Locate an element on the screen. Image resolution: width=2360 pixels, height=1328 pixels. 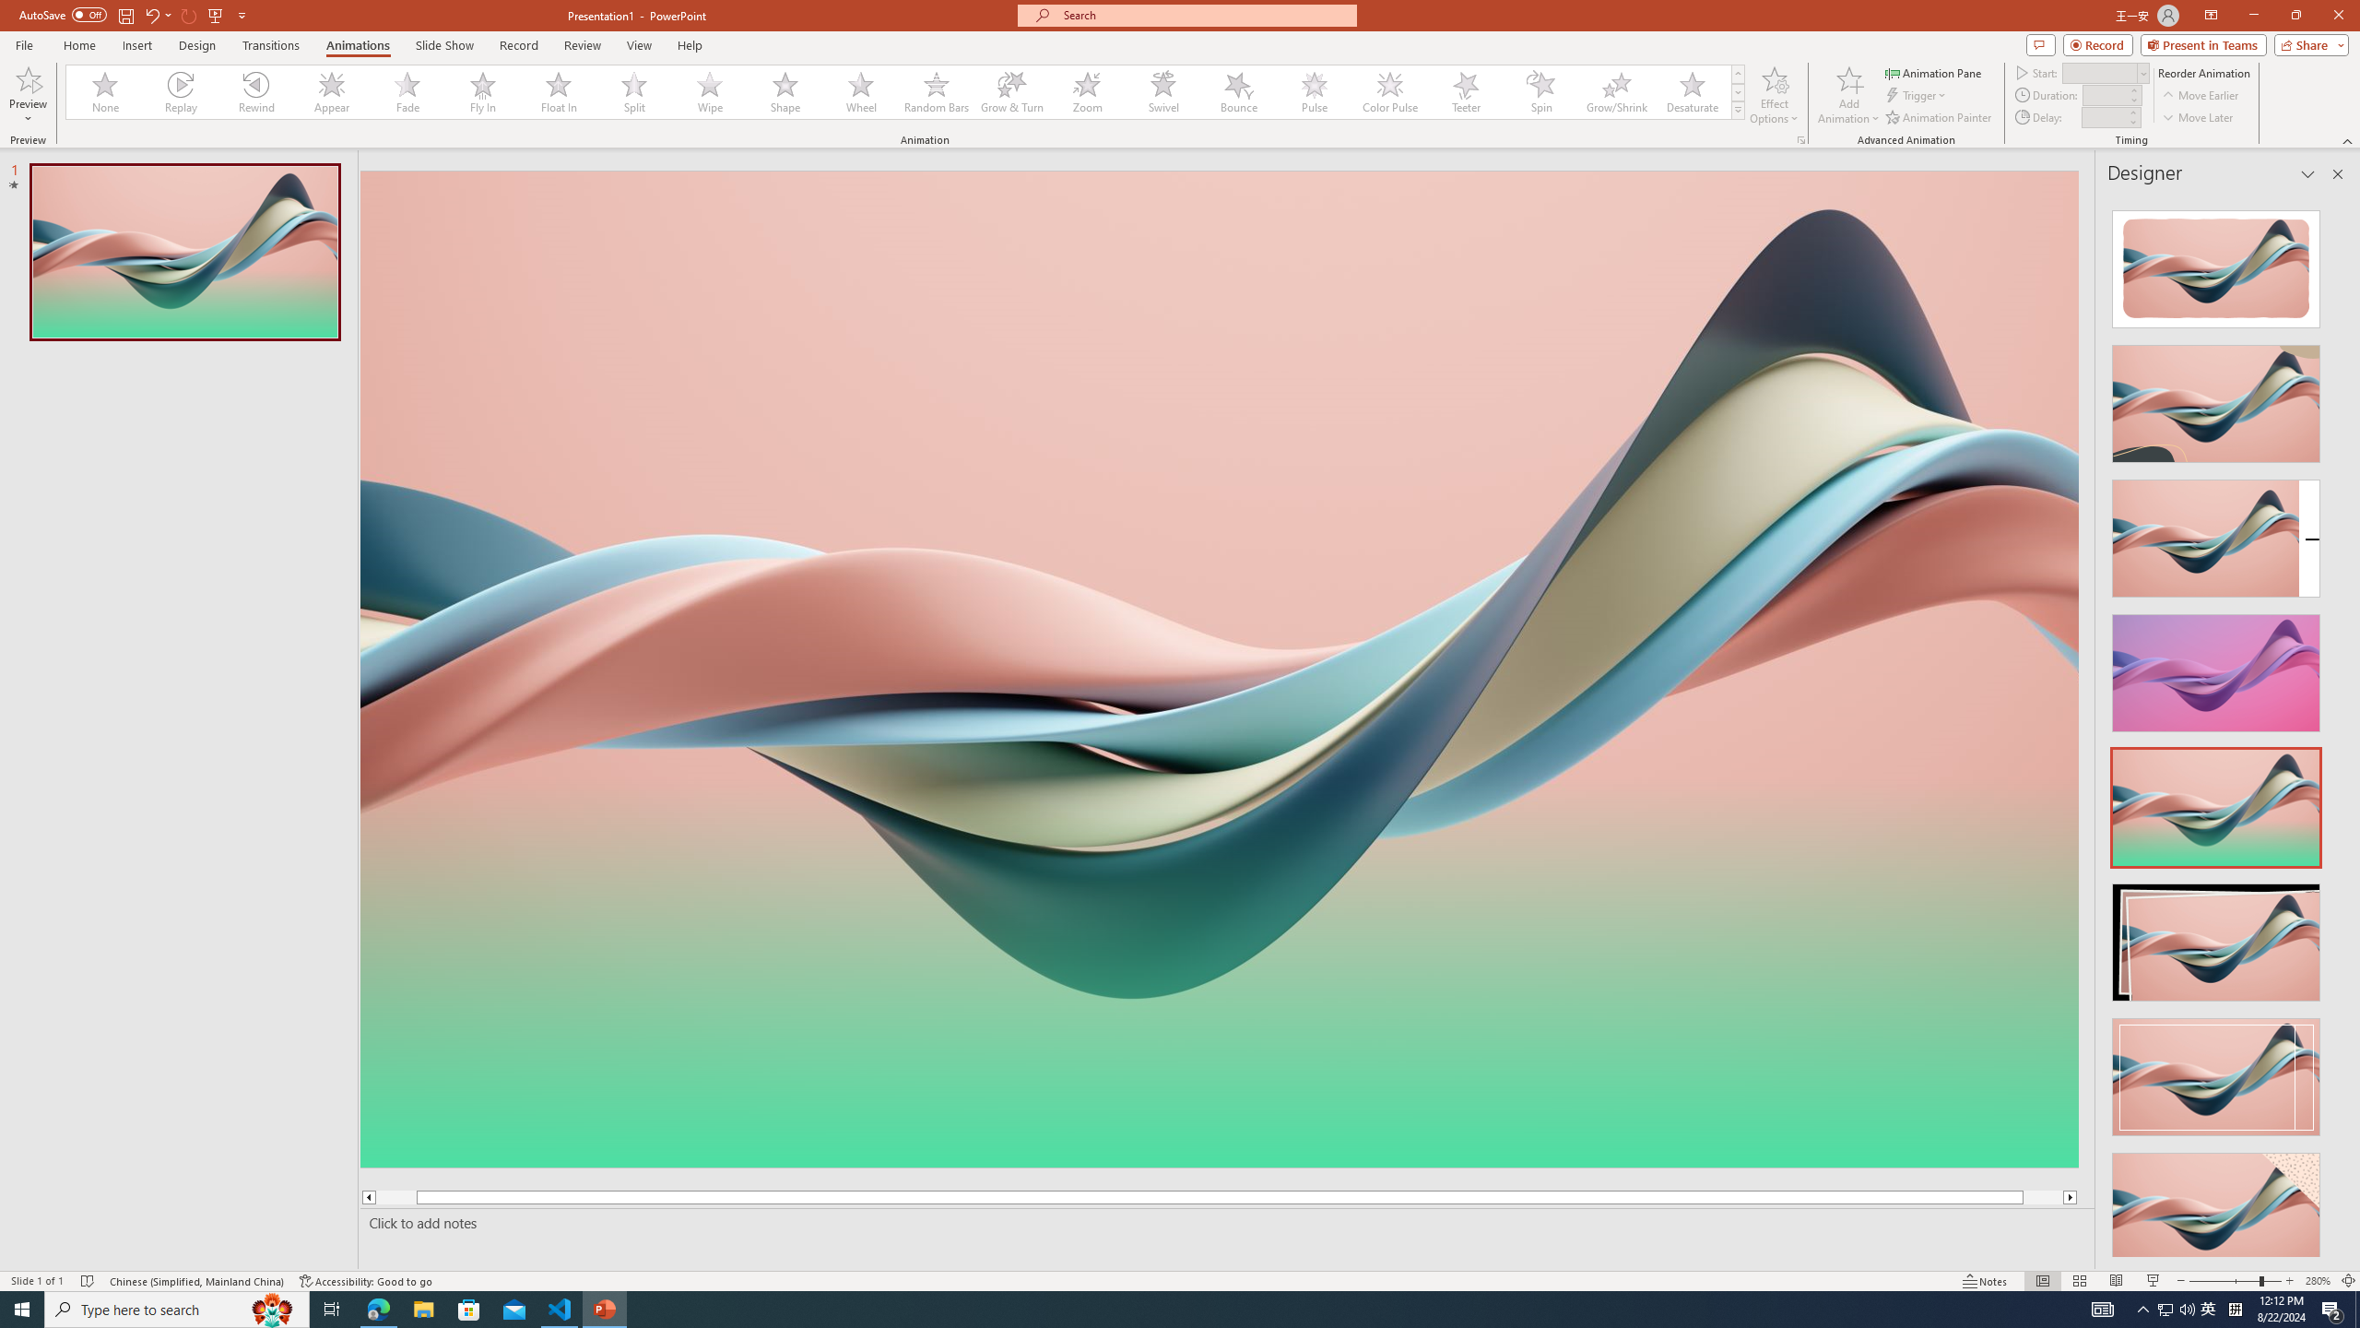
'Class: NetUIScrollBar' is located at coordinates (2335, 725).